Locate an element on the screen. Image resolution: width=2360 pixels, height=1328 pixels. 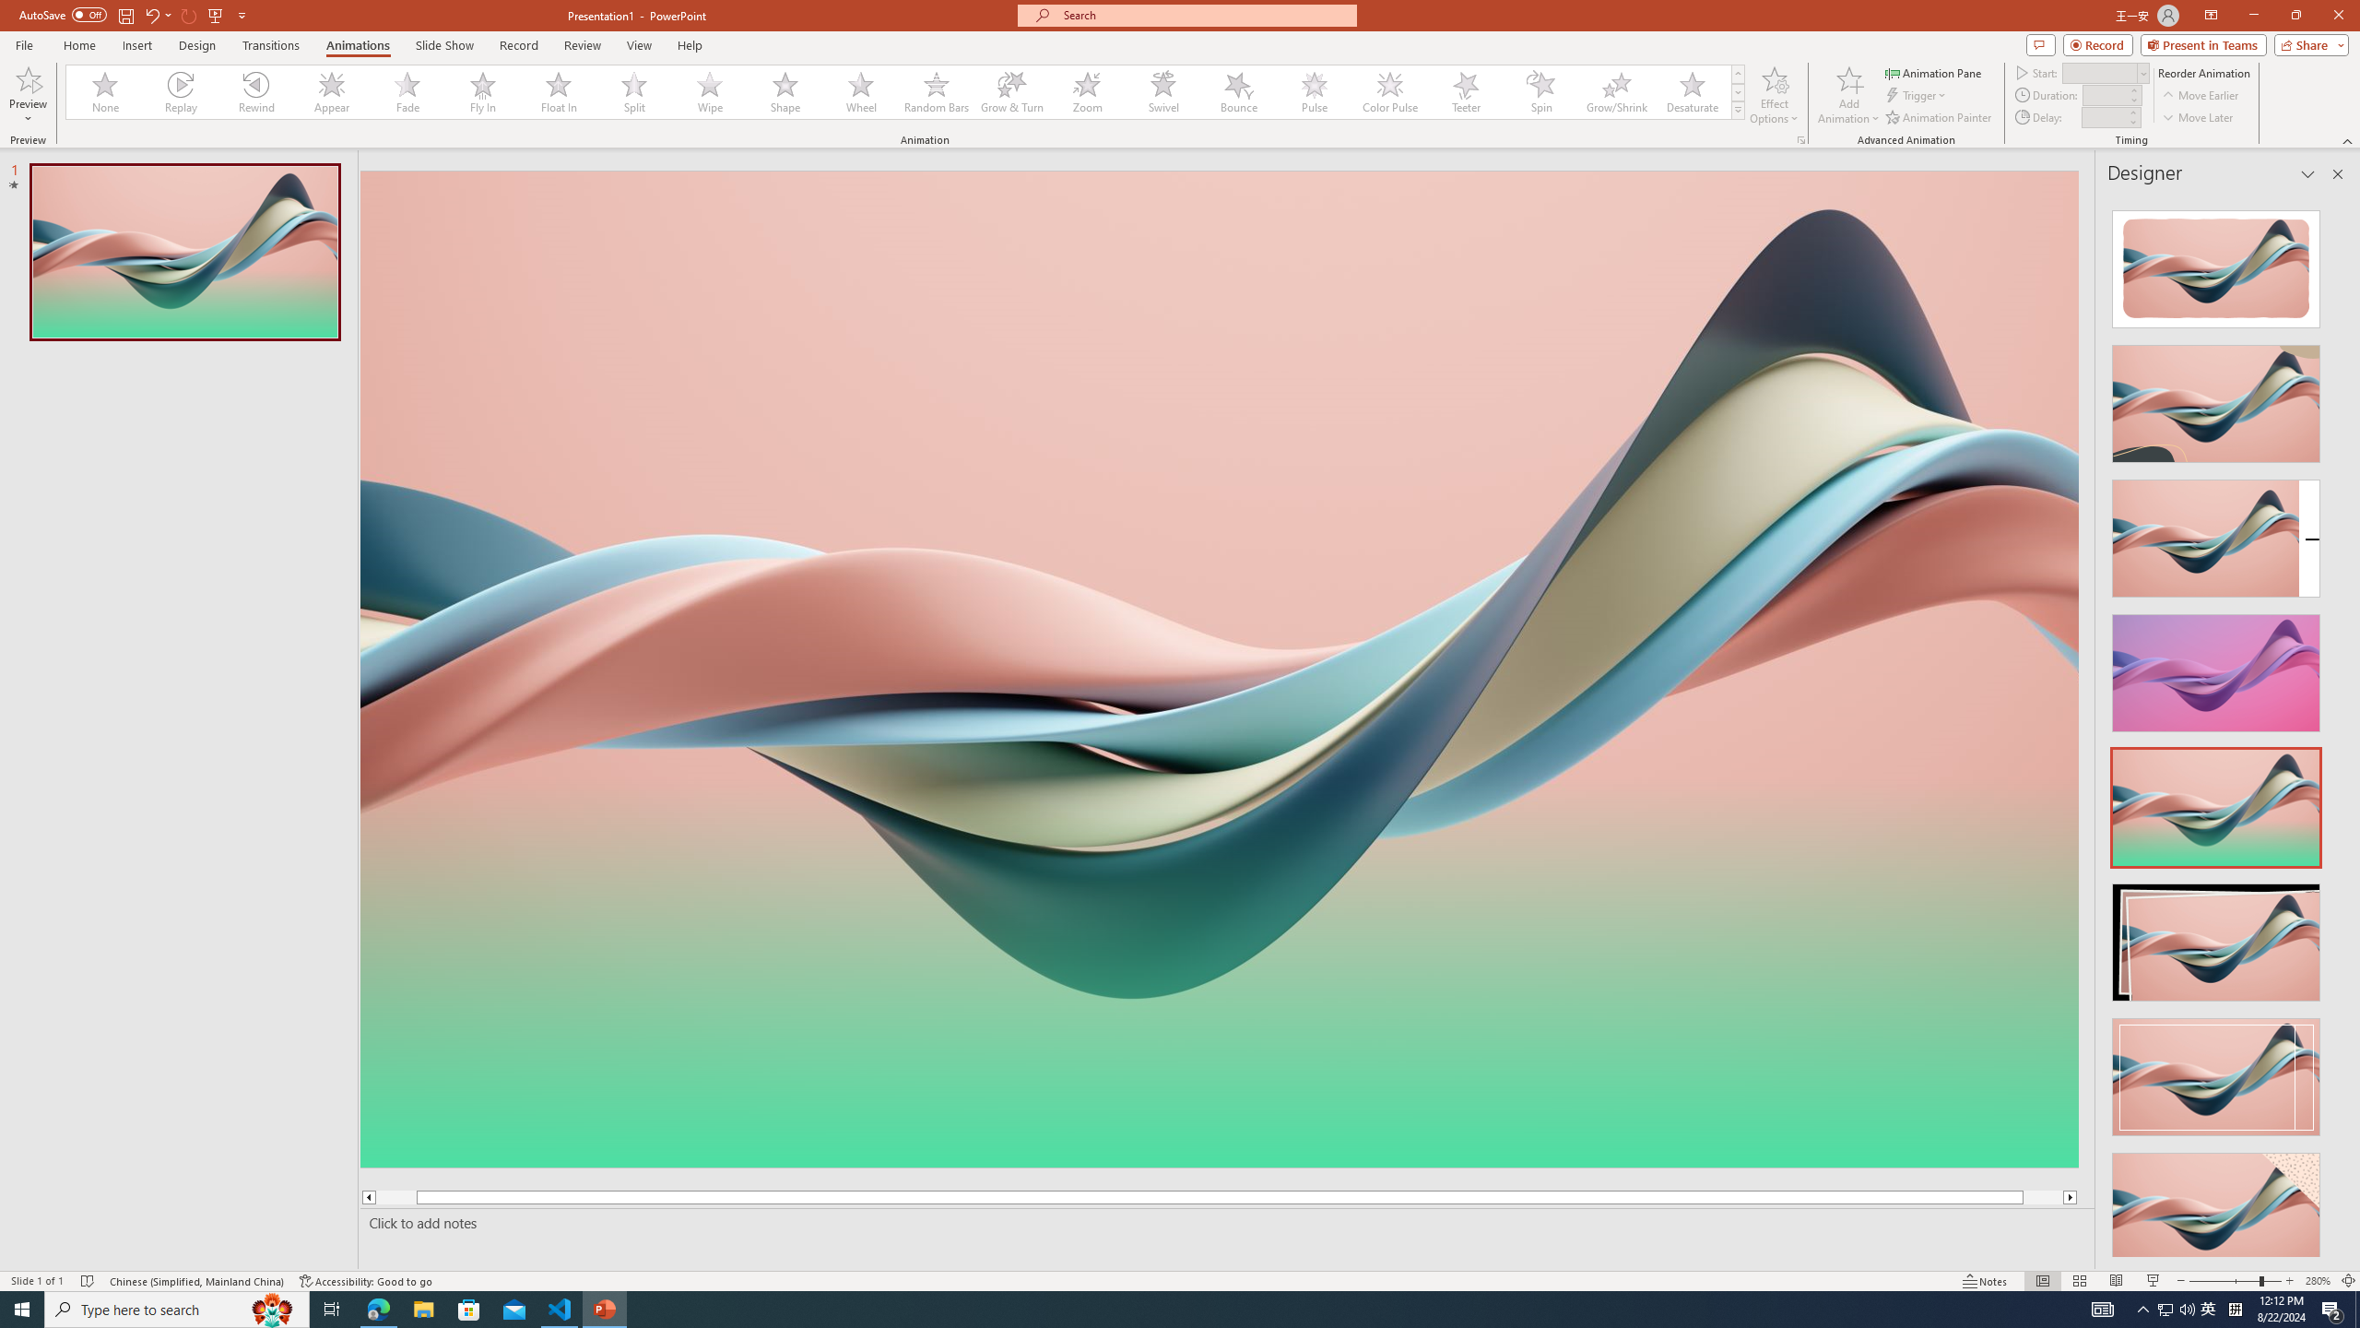
'Class: NetUIScrollBar' is located at coordinates (2335, 725).